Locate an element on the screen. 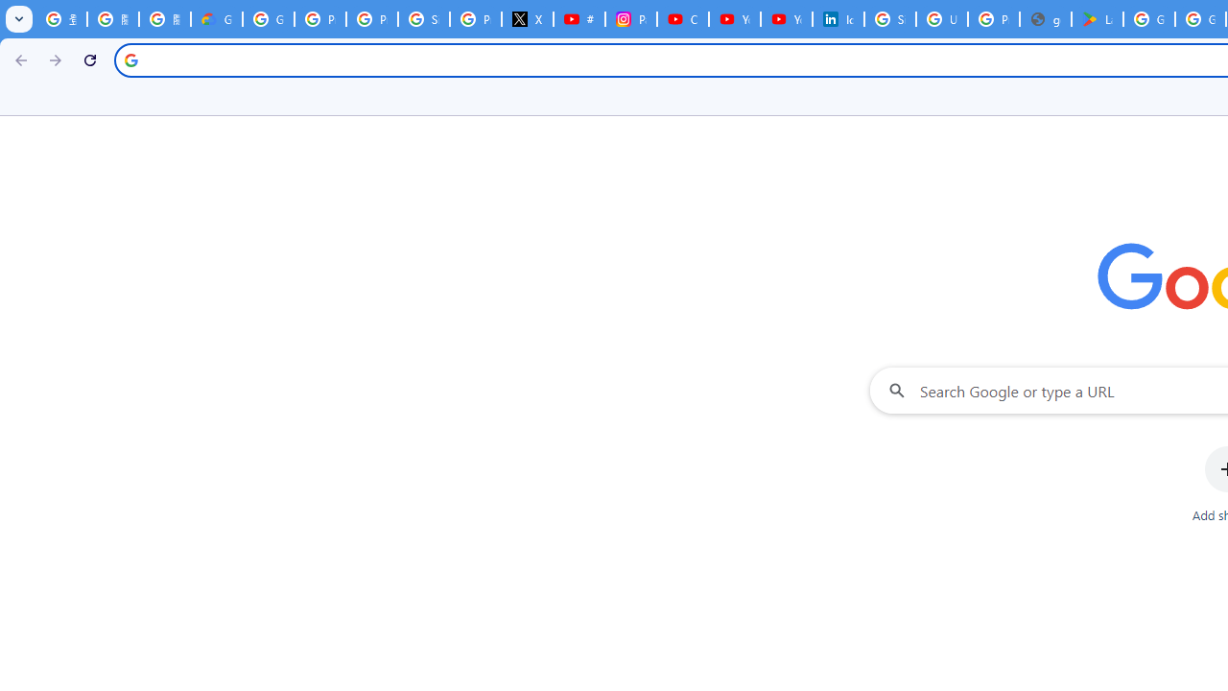 The image size is (1228, 691). 'X' is located at coordinates (528, 19).